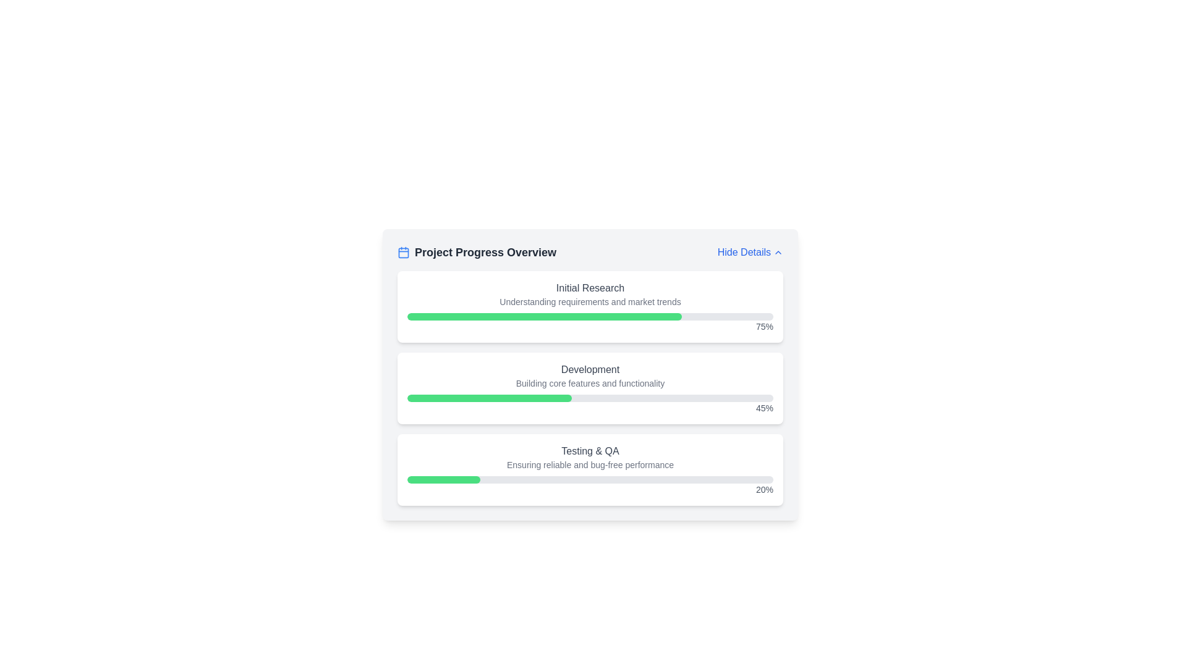 The width and height of the screenshot is (1187, 667). I want to click on progress information from the Progress Indicator Panel that tracks the 'Development' task, which is the second panel in a vertical stack of three panels, so click(590, 387).